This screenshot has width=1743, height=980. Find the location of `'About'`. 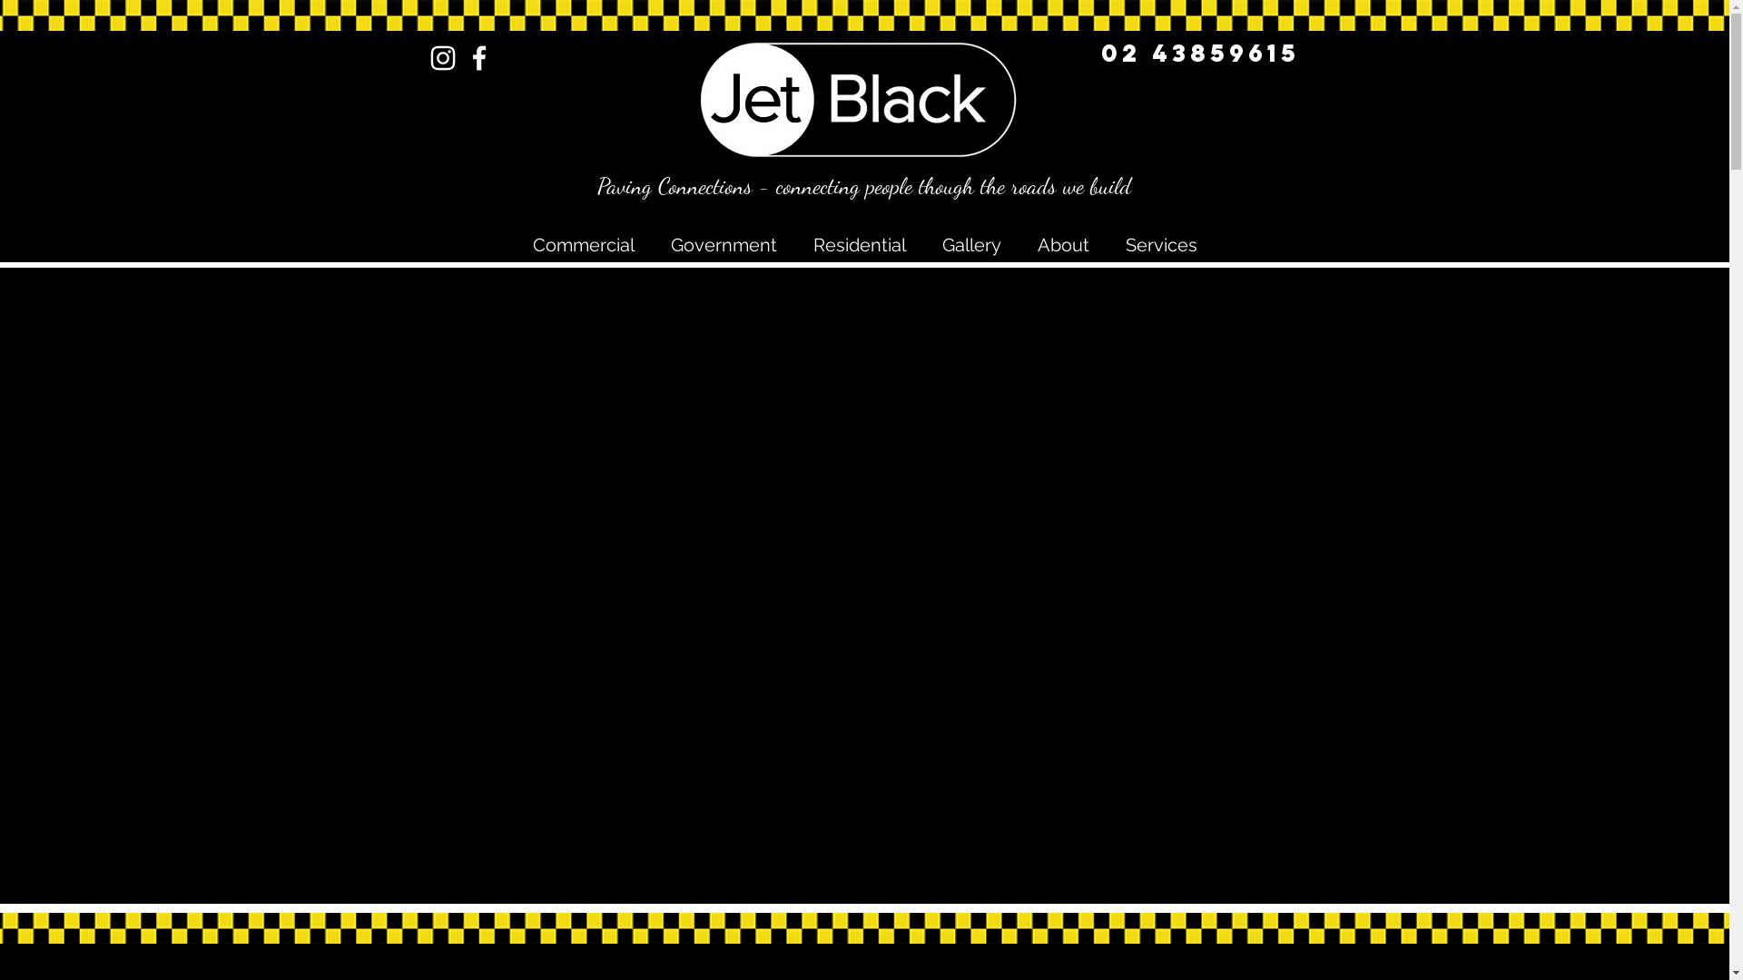

'About' is located at coordinates (1062, 245).